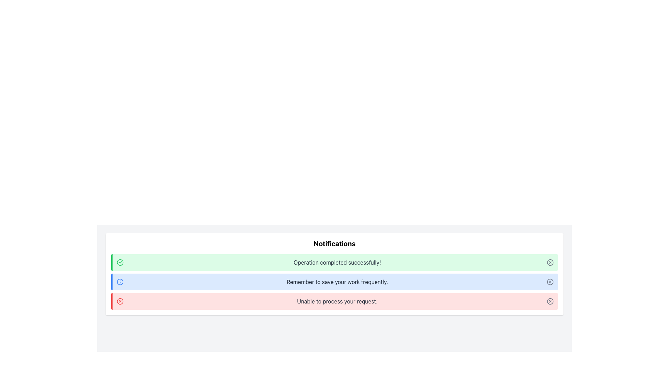 Image resolution: width=667 pixels, height=375 pixels. I want to click on the informational icon located near the left edge of the blue notification bar, which aligns horizontally with the text 'Remember to save your work frequently.', so click(120, 282).